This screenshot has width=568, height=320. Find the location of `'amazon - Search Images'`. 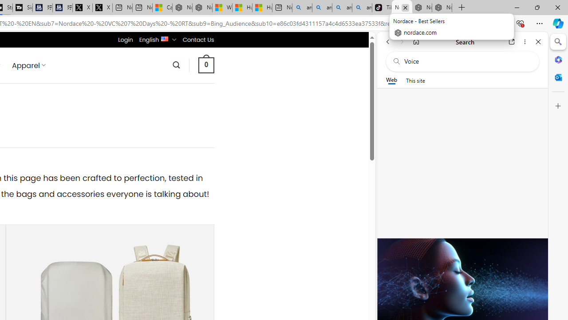

'amazon - Search Images' is located at coordinates (362, 8).